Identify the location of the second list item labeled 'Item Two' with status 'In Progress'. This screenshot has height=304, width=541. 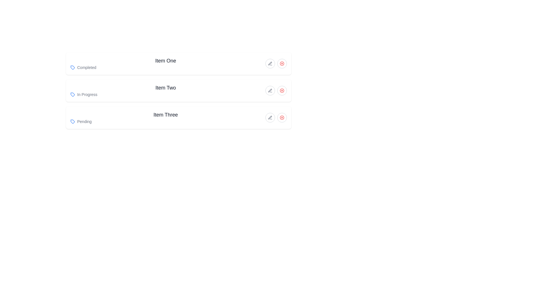
(178, 90).